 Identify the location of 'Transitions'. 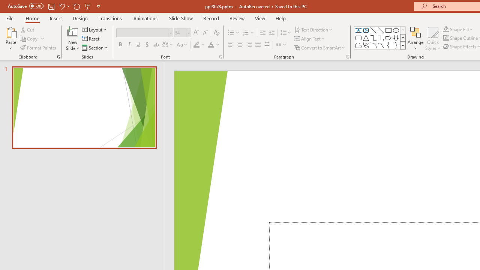
(110, 18).